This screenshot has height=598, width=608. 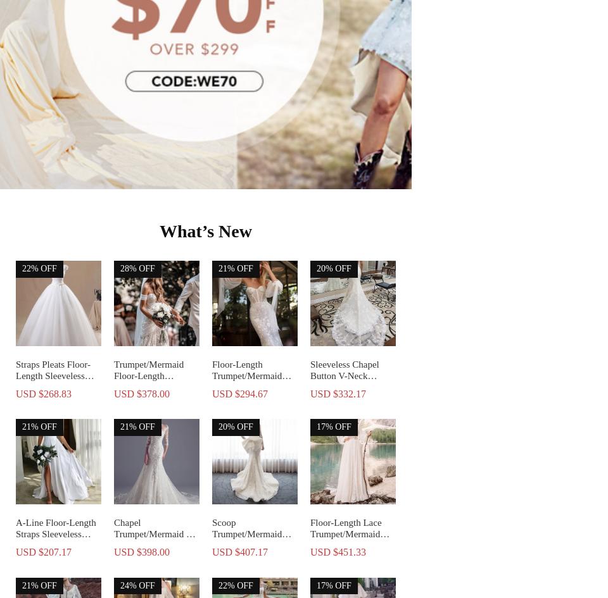 What do you see at coordinates (149, 376) in the screenshot?
I see `'Trumpet/Mermaid Floor-Length Wedding Dress'` at bounding box center [149, 376].